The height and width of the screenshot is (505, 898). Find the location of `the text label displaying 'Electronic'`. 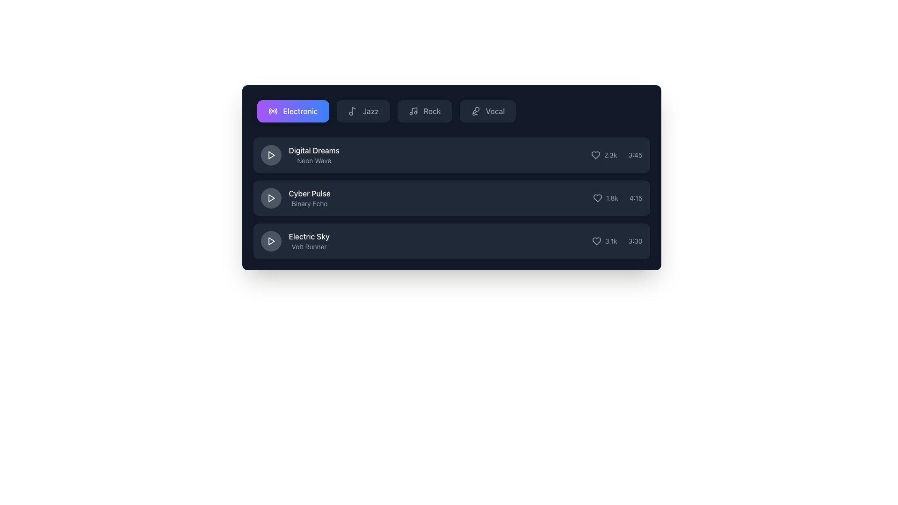

the text label displaying 'Electronic' is located at coordinates (300, 111).